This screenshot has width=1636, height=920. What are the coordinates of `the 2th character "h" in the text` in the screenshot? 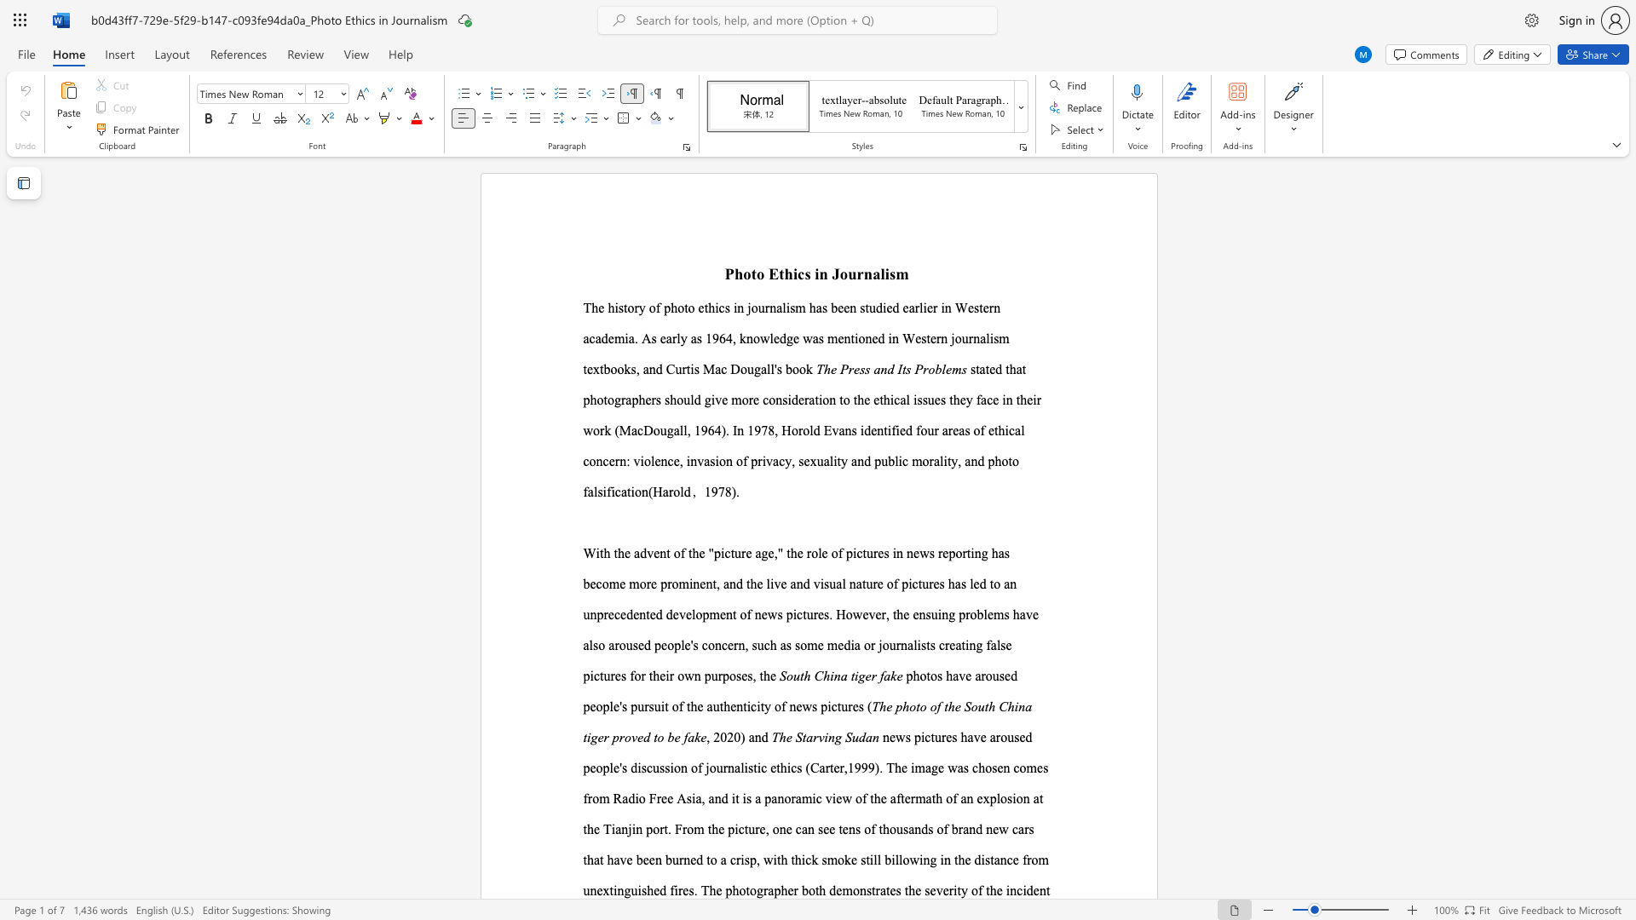 It's located at (787, 273).